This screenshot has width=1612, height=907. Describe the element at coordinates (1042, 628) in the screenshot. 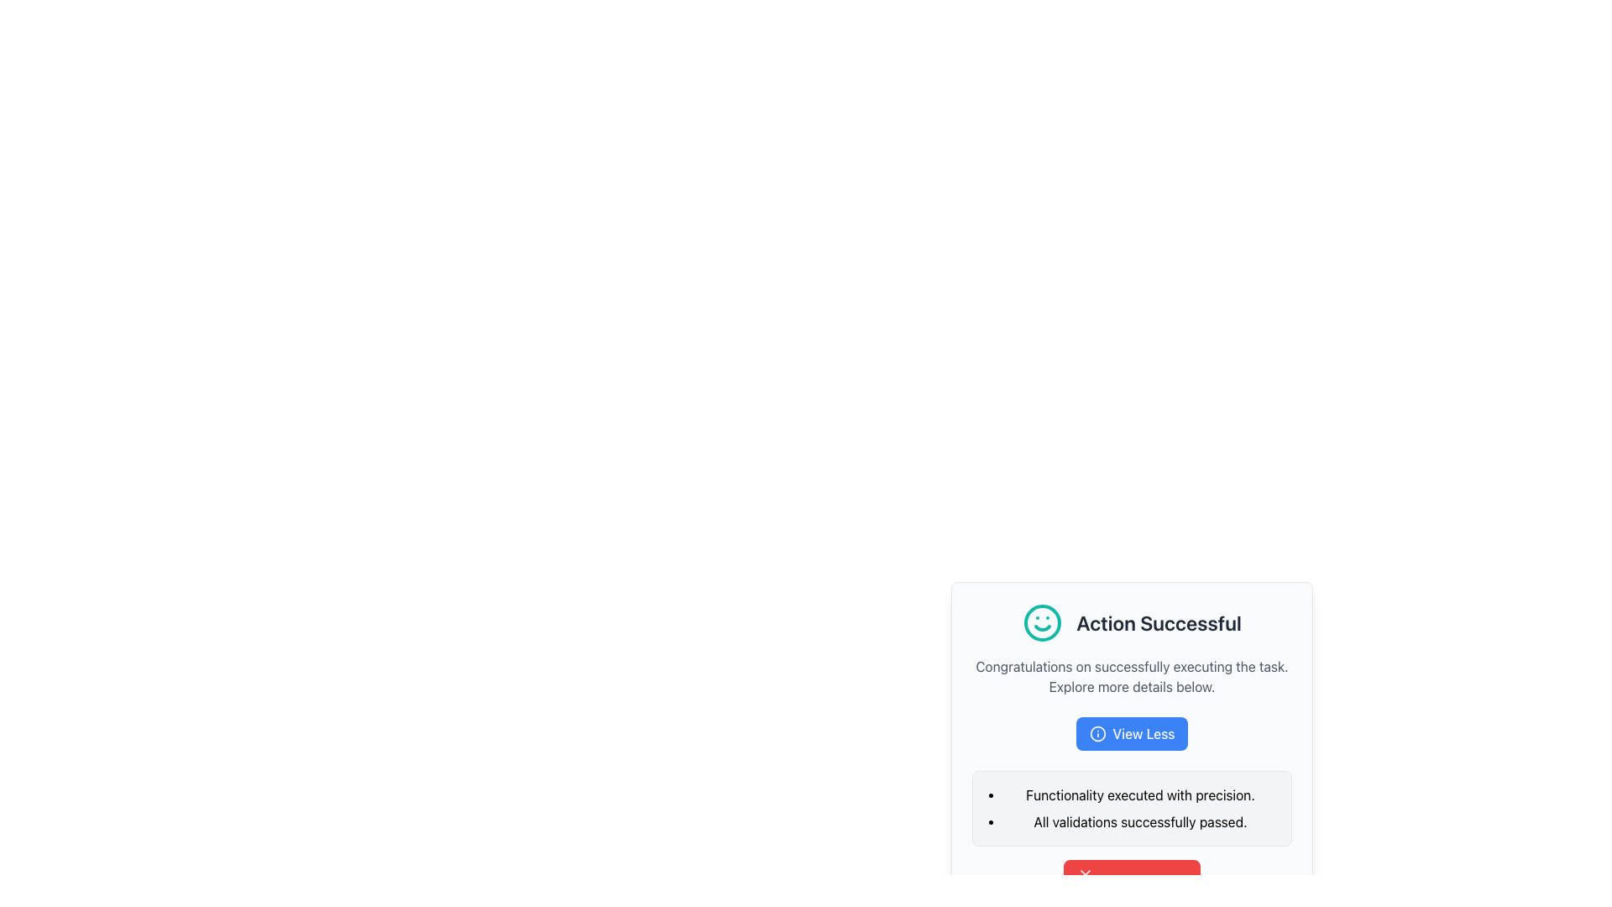

I see `the curved line forming the smile icon, which is part of a face illustration within an SVG element, positioned centrally beneath the two eyes` at that location.